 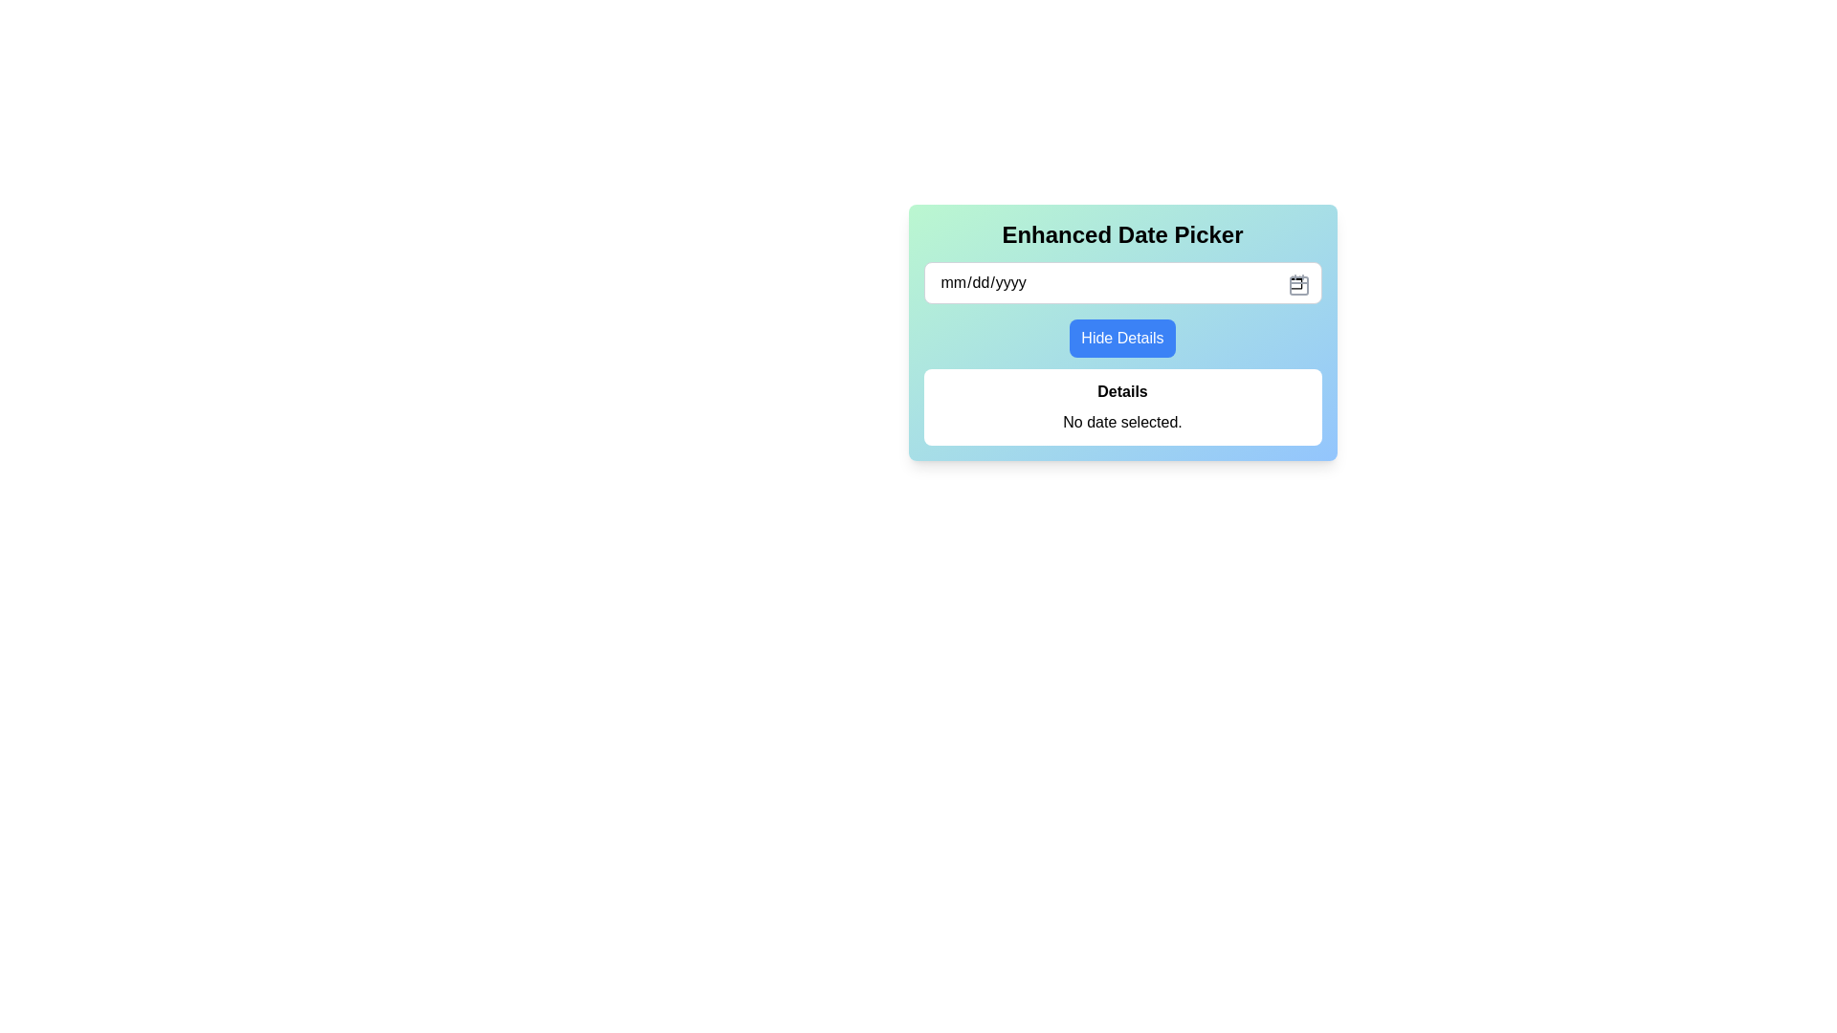 What do you see at coordinates (1298, 286) in the screenshot?
I see `the black rectangular SVG shape located in the top-right corner of the modal, which is part of the calendar icon aligned with the 'mm/dd/yyyy' input field` at bounding box center [1298, 286].